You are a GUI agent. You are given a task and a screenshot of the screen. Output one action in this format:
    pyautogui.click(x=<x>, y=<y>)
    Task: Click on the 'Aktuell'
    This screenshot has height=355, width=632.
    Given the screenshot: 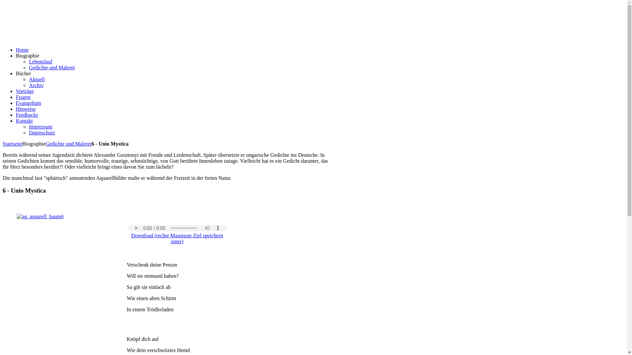 What is the action you would take?
    pyautogui.click(x=36, y=79)
    